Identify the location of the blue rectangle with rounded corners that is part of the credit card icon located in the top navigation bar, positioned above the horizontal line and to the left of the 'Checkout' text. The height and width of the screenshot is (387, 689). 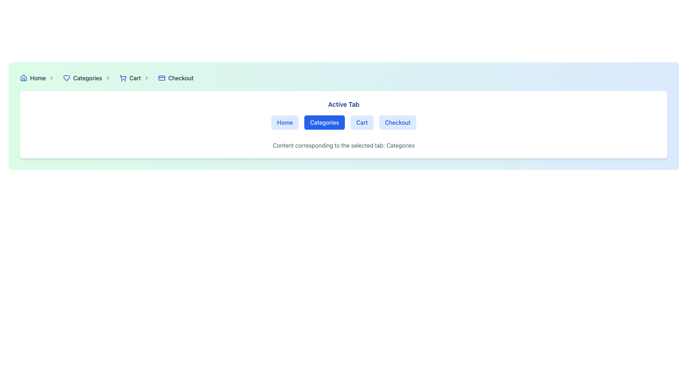
(161, 78).